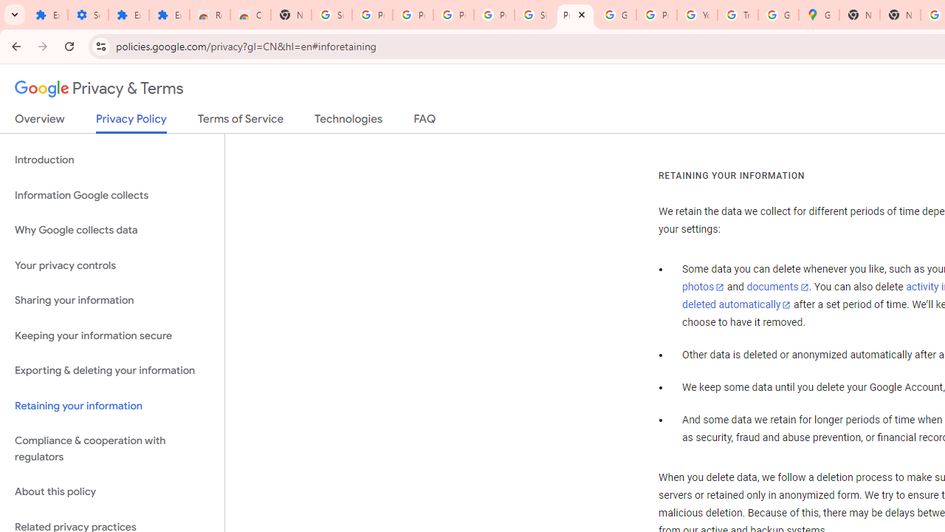 The height and width of the screenshot is (532, 945). Describe the element at coordinates (250, 15) in the screenshot. I see `'Chrome Web Store - Themes'` at that location.